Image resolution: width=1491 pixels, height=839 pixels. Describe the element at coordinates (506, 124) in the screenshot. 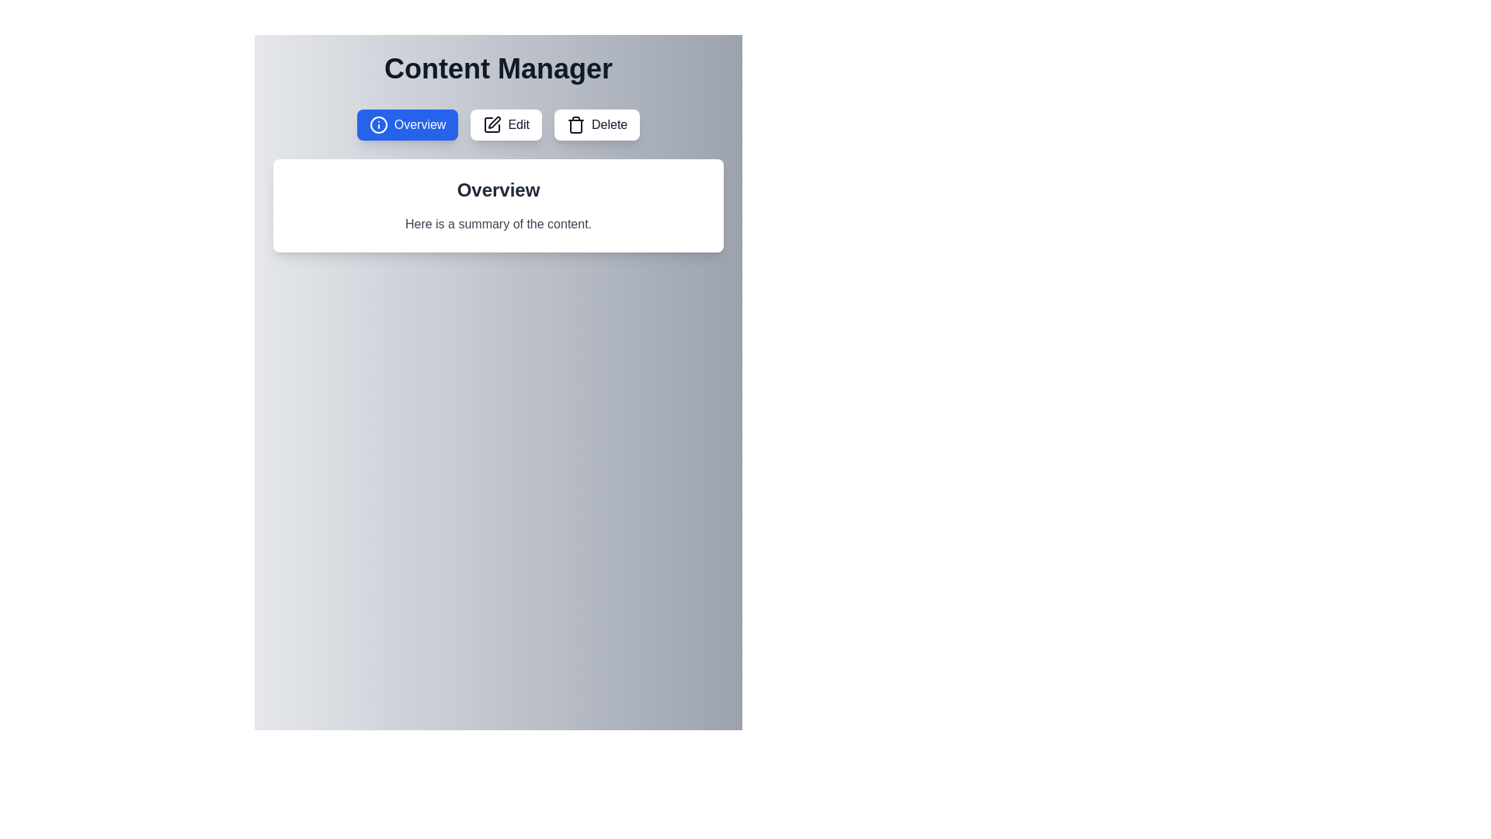

I see `the Edit tab by clicking on its button` at that location.